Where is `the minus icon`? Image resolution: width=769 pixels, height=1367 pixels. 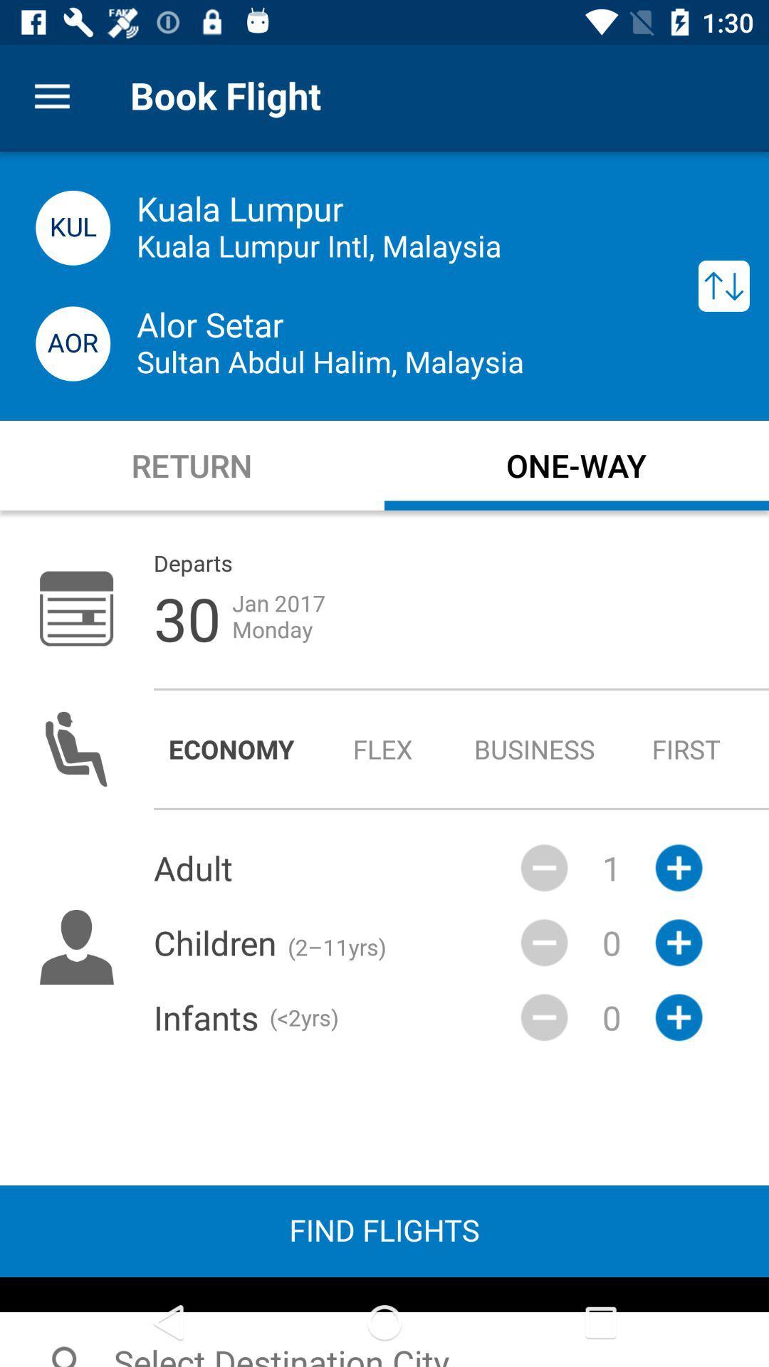 the minus icon is located at coordinates (544, 1017).